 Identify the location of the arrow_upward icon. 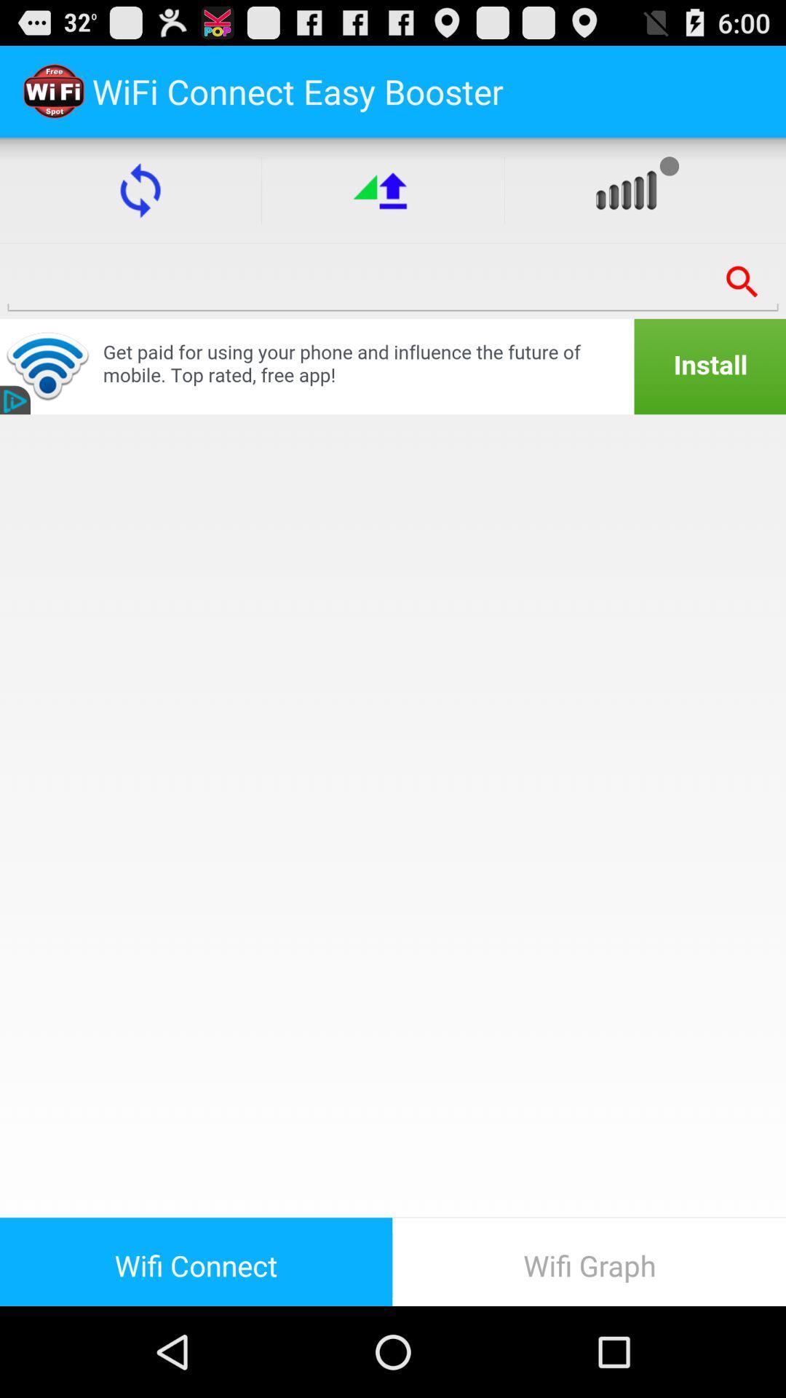
(382, 202).